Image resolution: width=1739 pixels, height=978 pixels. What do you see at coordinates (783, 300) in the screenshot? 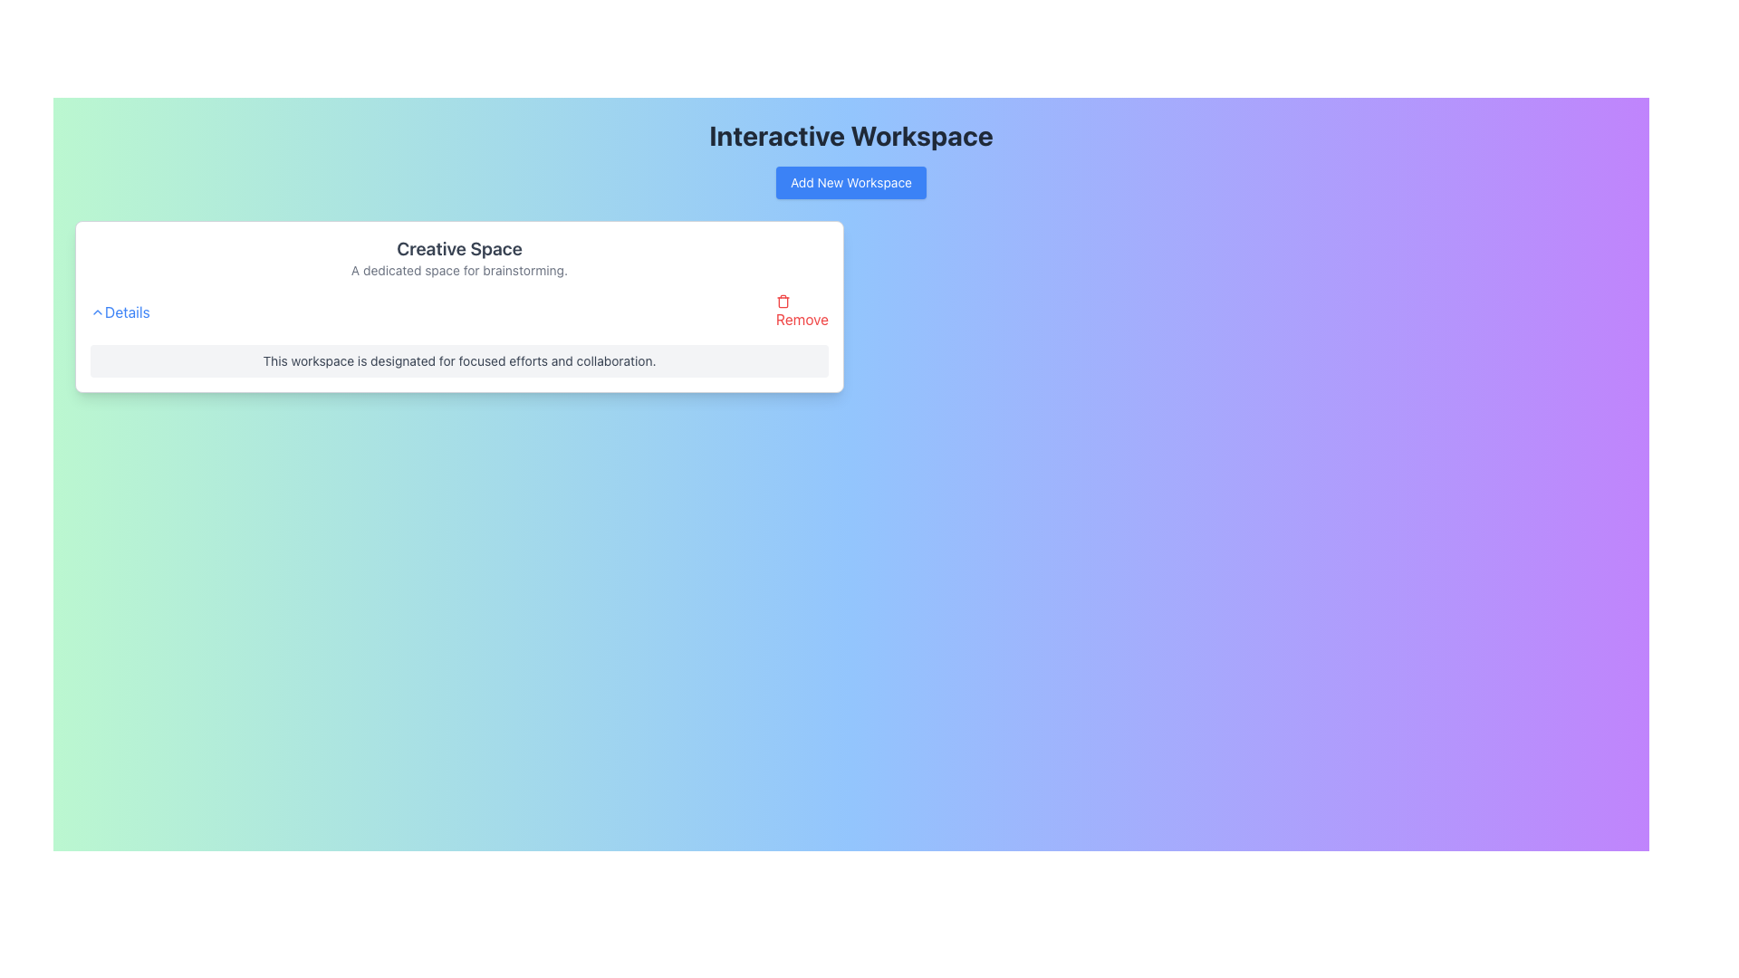
I see `the remove icon located to the right side within the 'Creative Space' card` at bounding box center [783, 300].